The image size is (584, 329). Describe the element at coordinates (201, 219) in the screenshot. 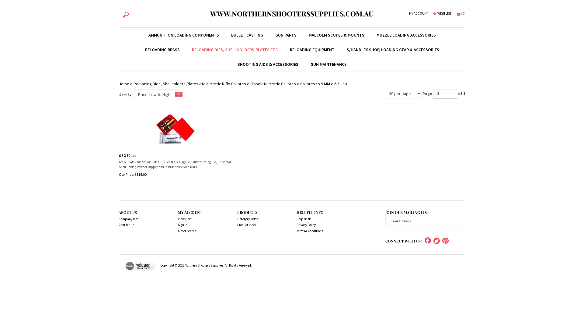

I see `'View Cart'` at that location.